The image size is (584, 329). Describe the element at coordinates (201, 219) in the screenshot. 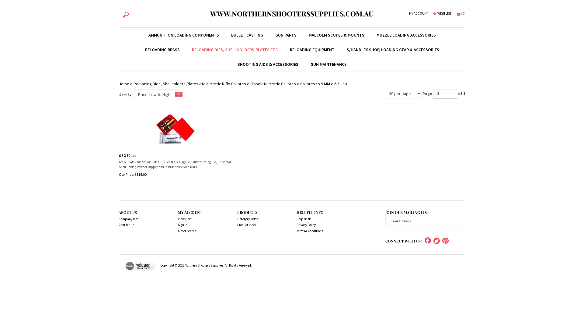

I see `'View Cart'` at that location.